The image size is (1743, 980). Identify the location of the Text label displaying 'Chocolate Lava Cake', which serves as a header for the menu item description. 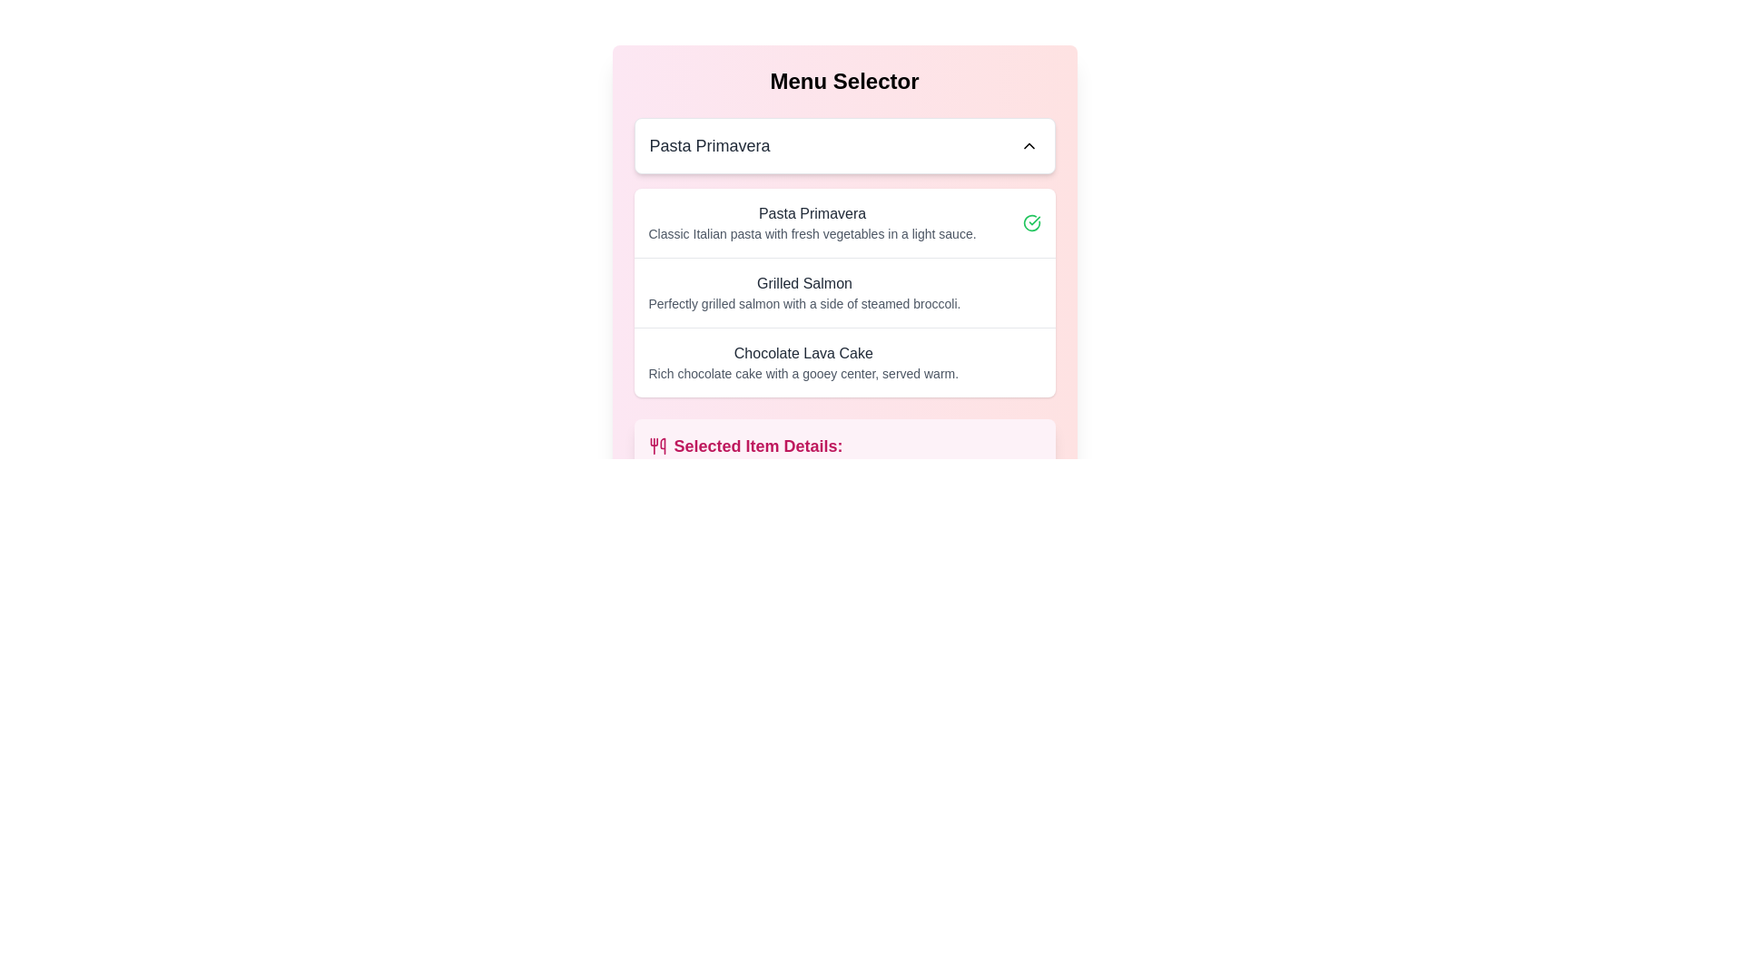
(803, 353).